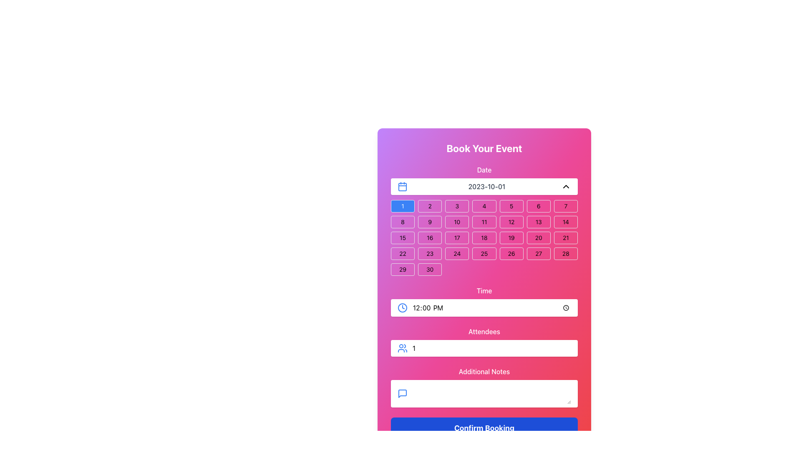 This screenshot has height=450, width=801. I want to click on the button labeled '3' in the calendar view, so click(456, 206).